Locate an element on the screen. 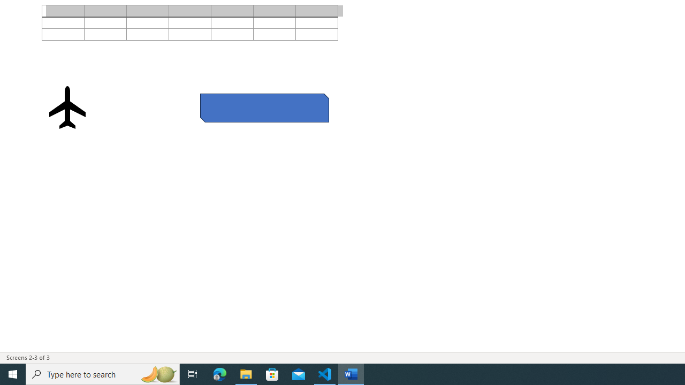 Image resolution: width=685 pixels, height=385 pixels. 'Airplane with solid fill' is located at coordinates (67, 107).